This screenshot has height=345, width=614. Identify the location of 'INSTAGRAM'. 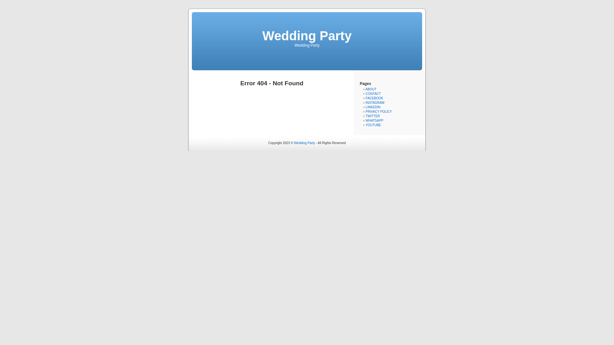
(375, 102).